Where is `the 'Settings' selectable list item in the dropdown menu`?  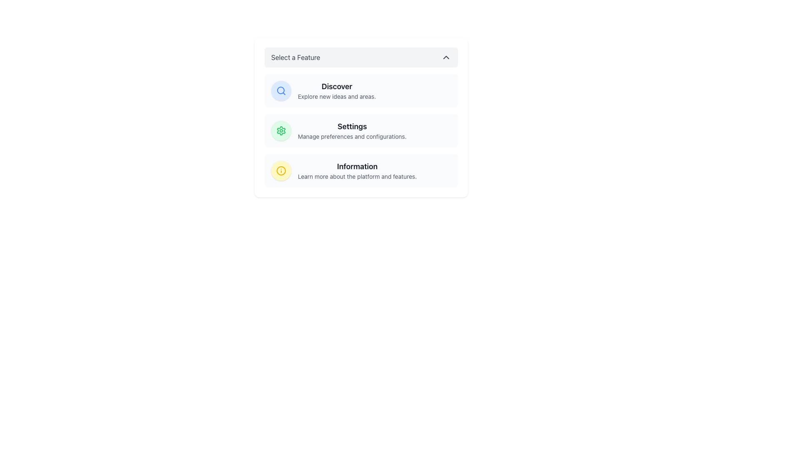 the 'Settings' selectable list item in the dropdown menu is located at coordinates (361, 117).